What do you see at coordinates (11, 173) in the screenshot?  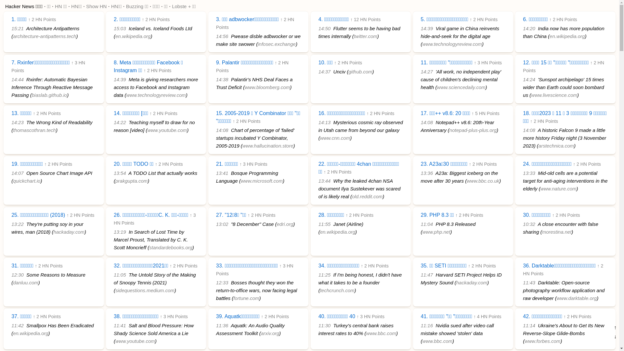 I see `'14:07'` at bounding box center [11, 173].